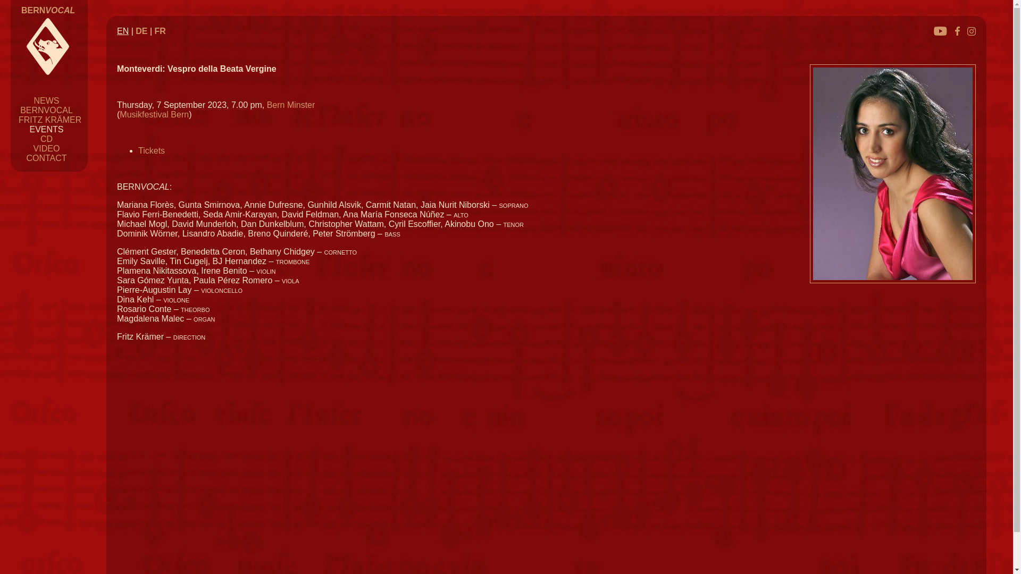  What do you see at coordinates (46, 110) in the screenshot?
I see `'BERNVOCAL'` at bounding box center [46, 110].